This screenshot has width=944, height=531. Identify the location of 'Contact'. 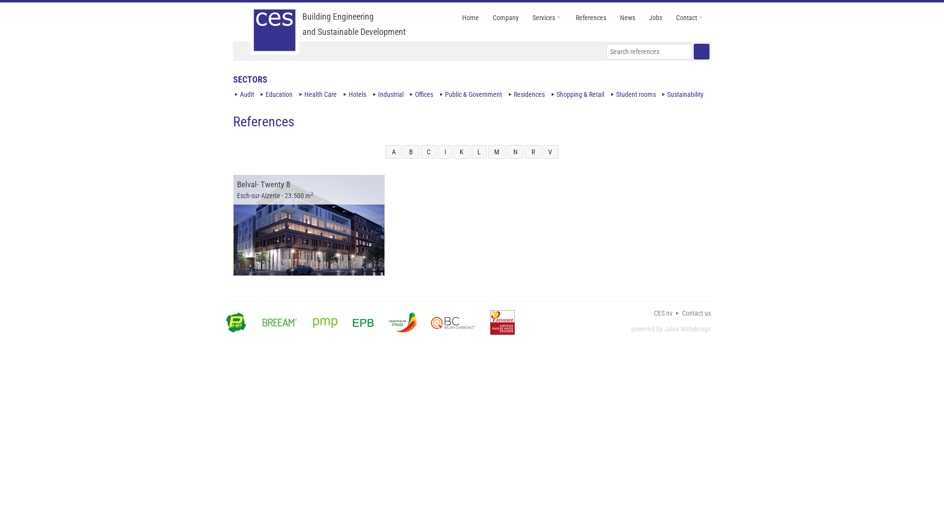
(669, 18).